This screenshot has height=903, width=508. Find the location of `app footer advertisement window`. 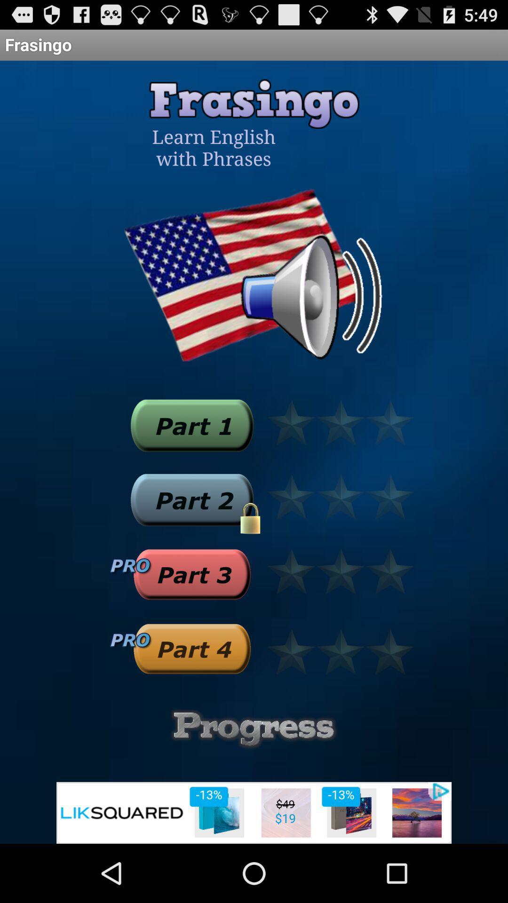

app footer advertisement window is located at coordinates (254, 812).